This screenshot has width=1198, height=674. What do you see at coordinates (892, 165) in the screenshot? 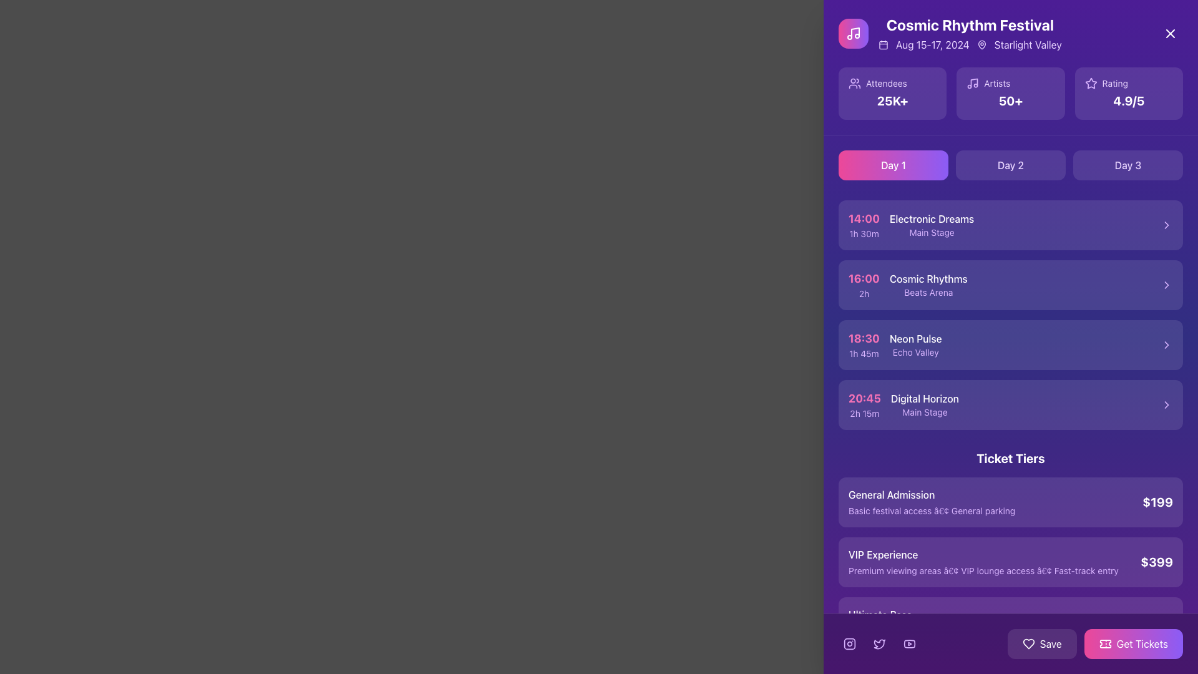
I see `the button labeled 'Day 1'` at bounding box center [892, 165].